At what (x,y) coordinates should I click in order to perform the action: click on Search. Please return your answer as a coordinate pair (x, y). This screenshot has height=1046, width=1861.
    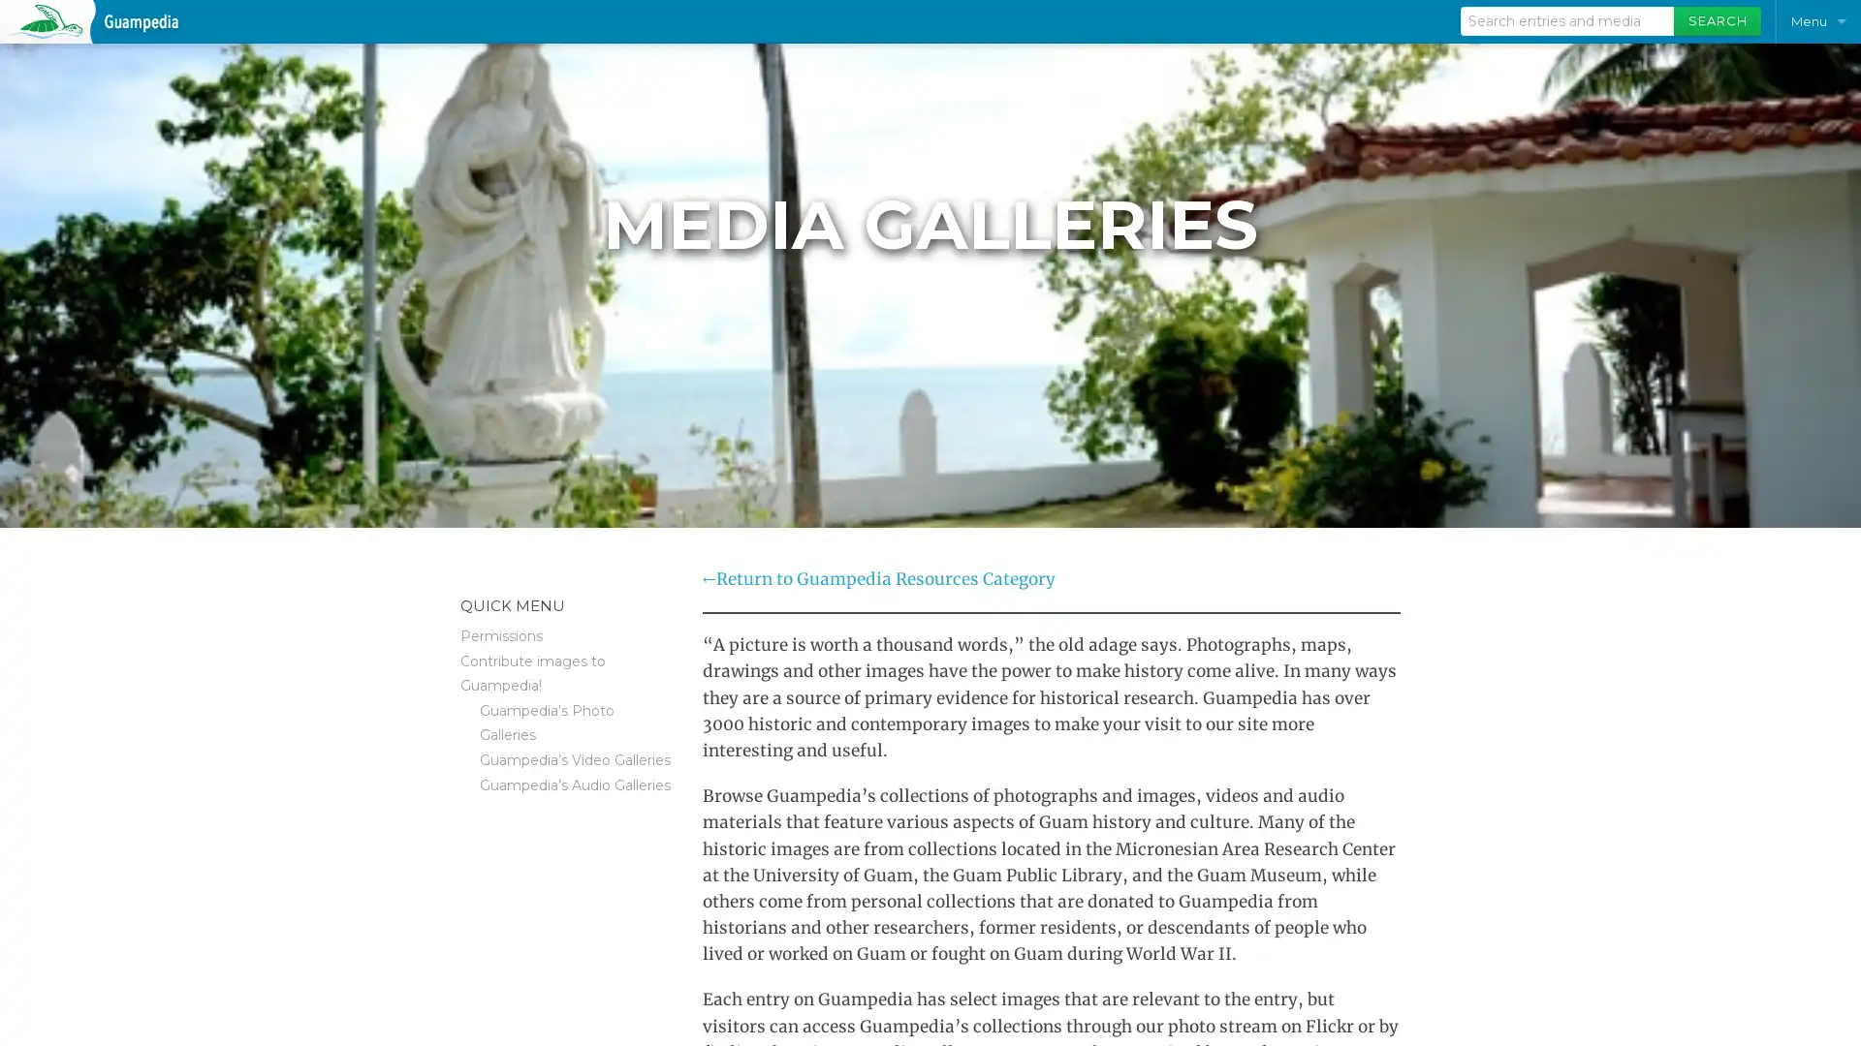
    Looking at the image, I should click on (1717, 21).